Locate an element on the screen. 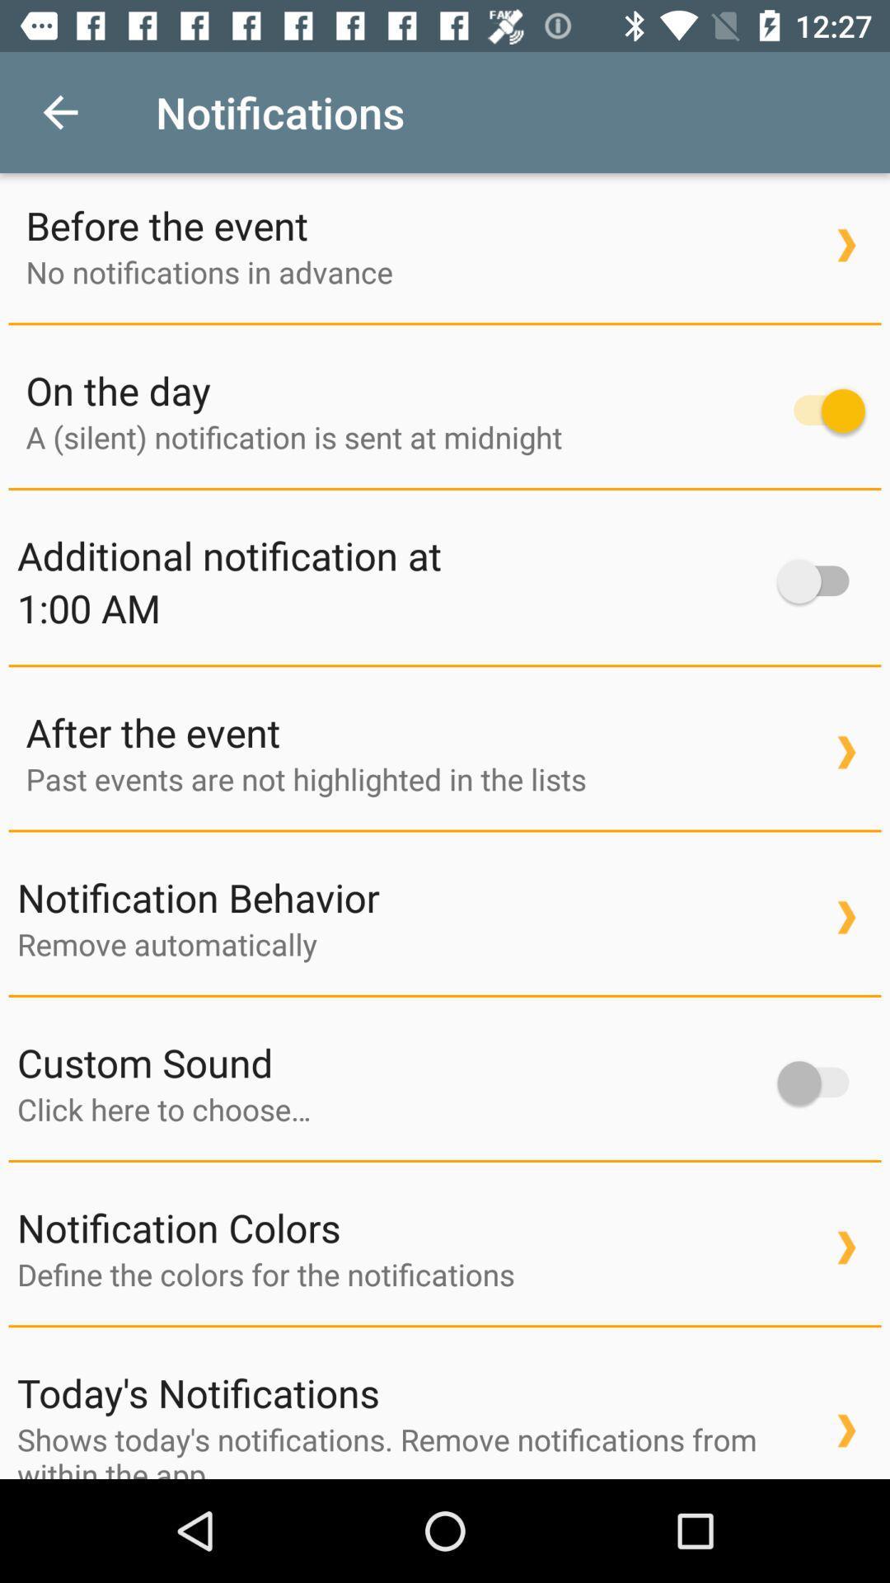 The height and width of the screenshot is (1583, 890). custom sound is located at coordinates (821, 1083).